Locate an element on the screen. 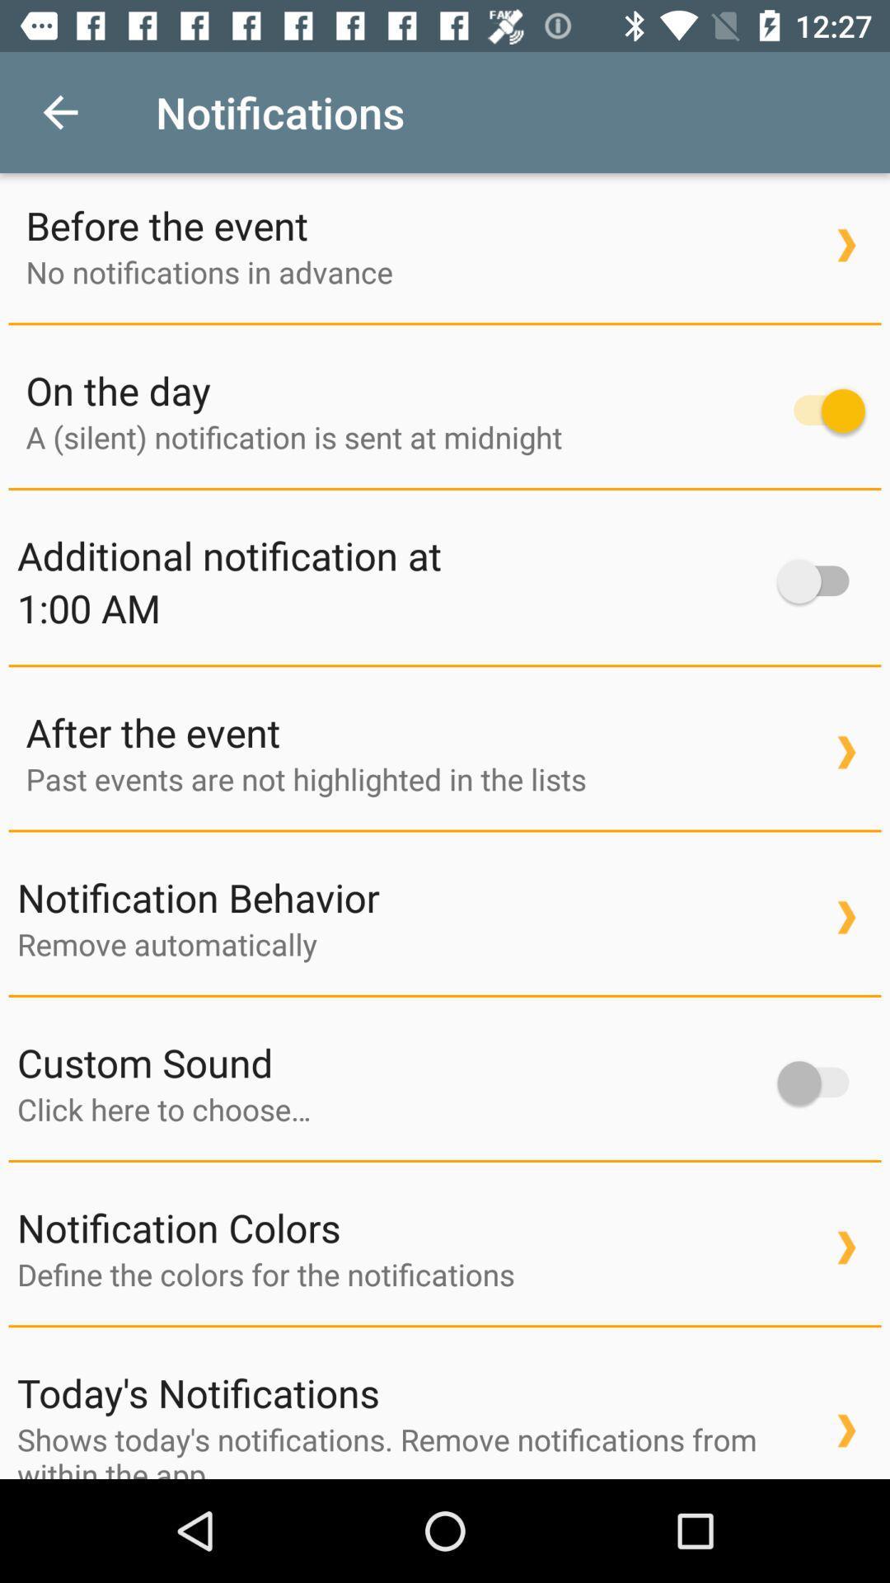 The height and width of the screenshot is (1583, 890). custom sound is located at coordinates (821, 1083).